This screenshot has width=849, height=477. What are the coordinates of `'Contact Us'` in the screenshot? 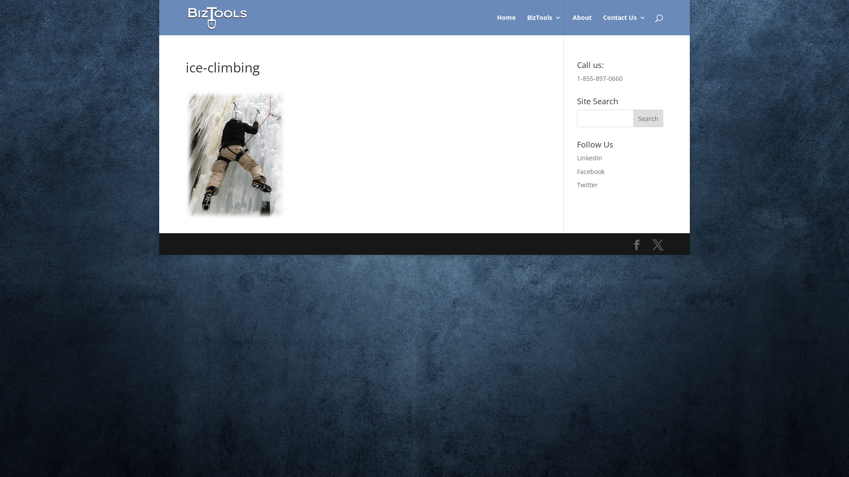 It's located at (623, 24).